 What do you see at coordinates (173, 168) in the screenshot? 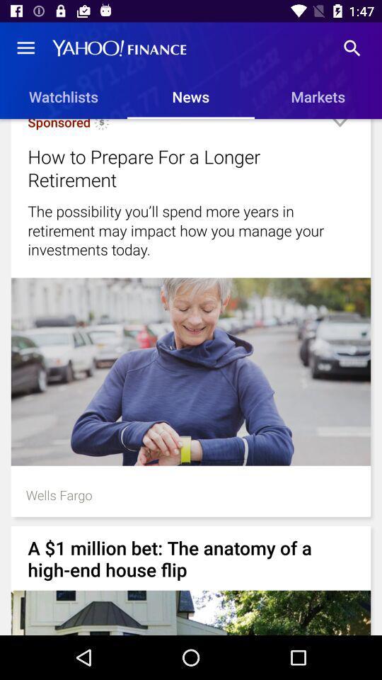
I see `the how to prepare item` at bounding box center [173, 168].